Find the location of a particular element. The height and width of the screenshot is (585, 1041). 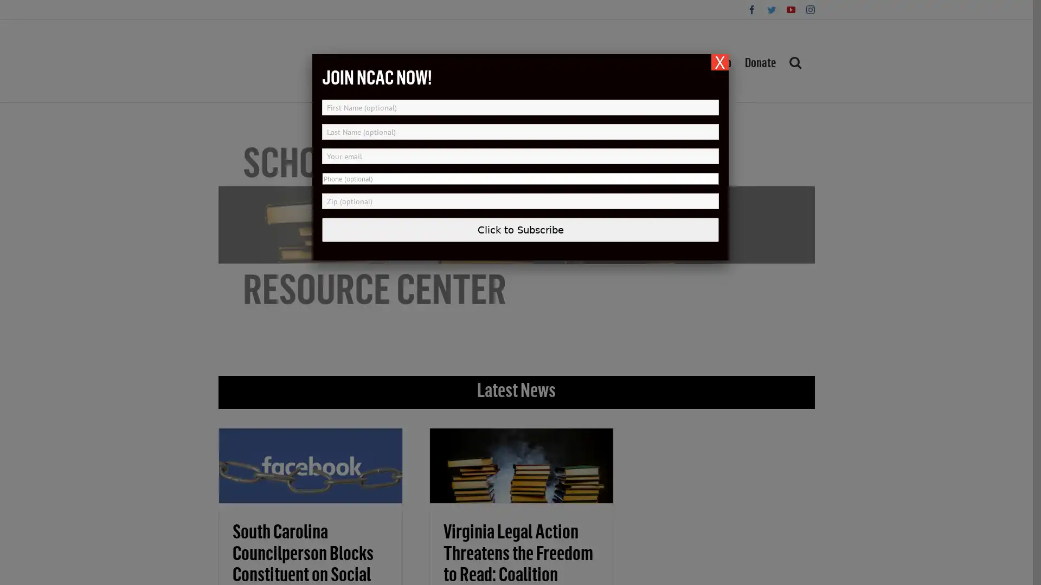

Close is located at coordinates (720, 62).